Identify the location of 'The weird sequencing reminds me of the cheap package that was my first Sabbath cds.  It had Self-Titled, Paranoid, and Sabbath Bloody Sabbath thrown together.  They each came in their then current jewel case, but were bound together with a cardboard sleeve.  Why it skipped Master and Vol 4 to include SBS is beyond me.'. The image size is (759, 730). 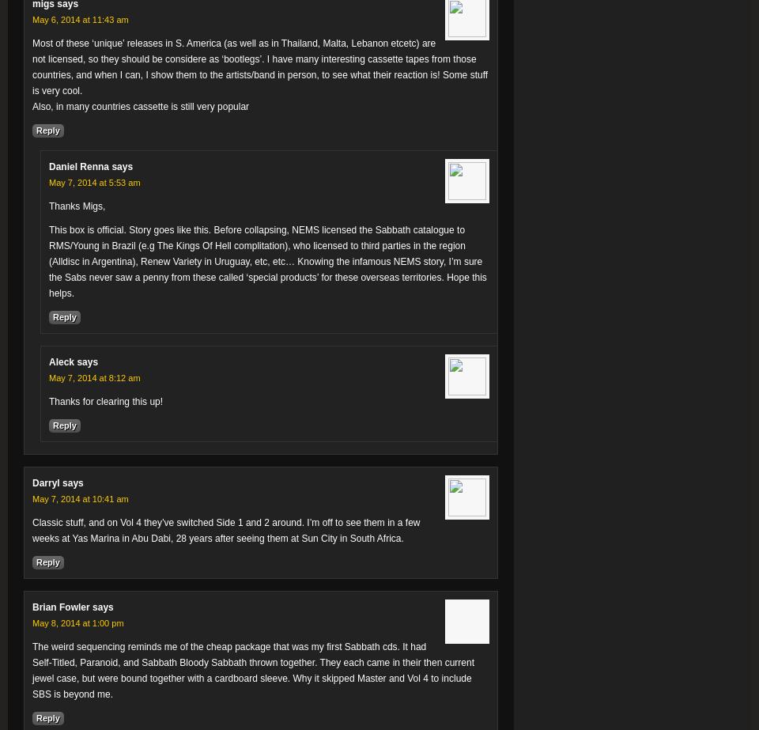
(253, 669).